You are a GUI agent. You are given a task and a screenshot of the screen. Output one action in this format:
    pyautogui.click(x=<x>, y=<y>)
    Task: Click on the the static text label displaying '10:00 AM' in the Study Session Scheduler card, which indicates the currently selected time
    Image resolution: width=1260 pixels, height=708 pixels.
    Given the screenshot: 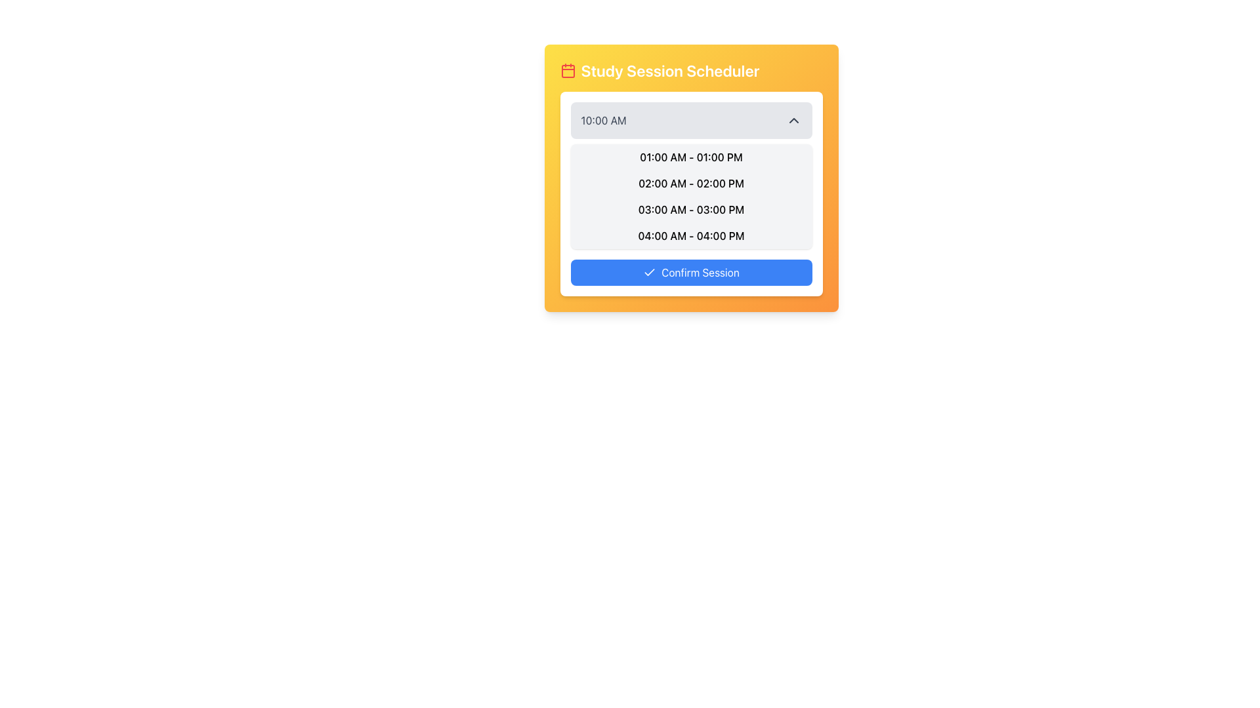 What is the action you would take?
    pyautogui.click(x=603, y=121)
    